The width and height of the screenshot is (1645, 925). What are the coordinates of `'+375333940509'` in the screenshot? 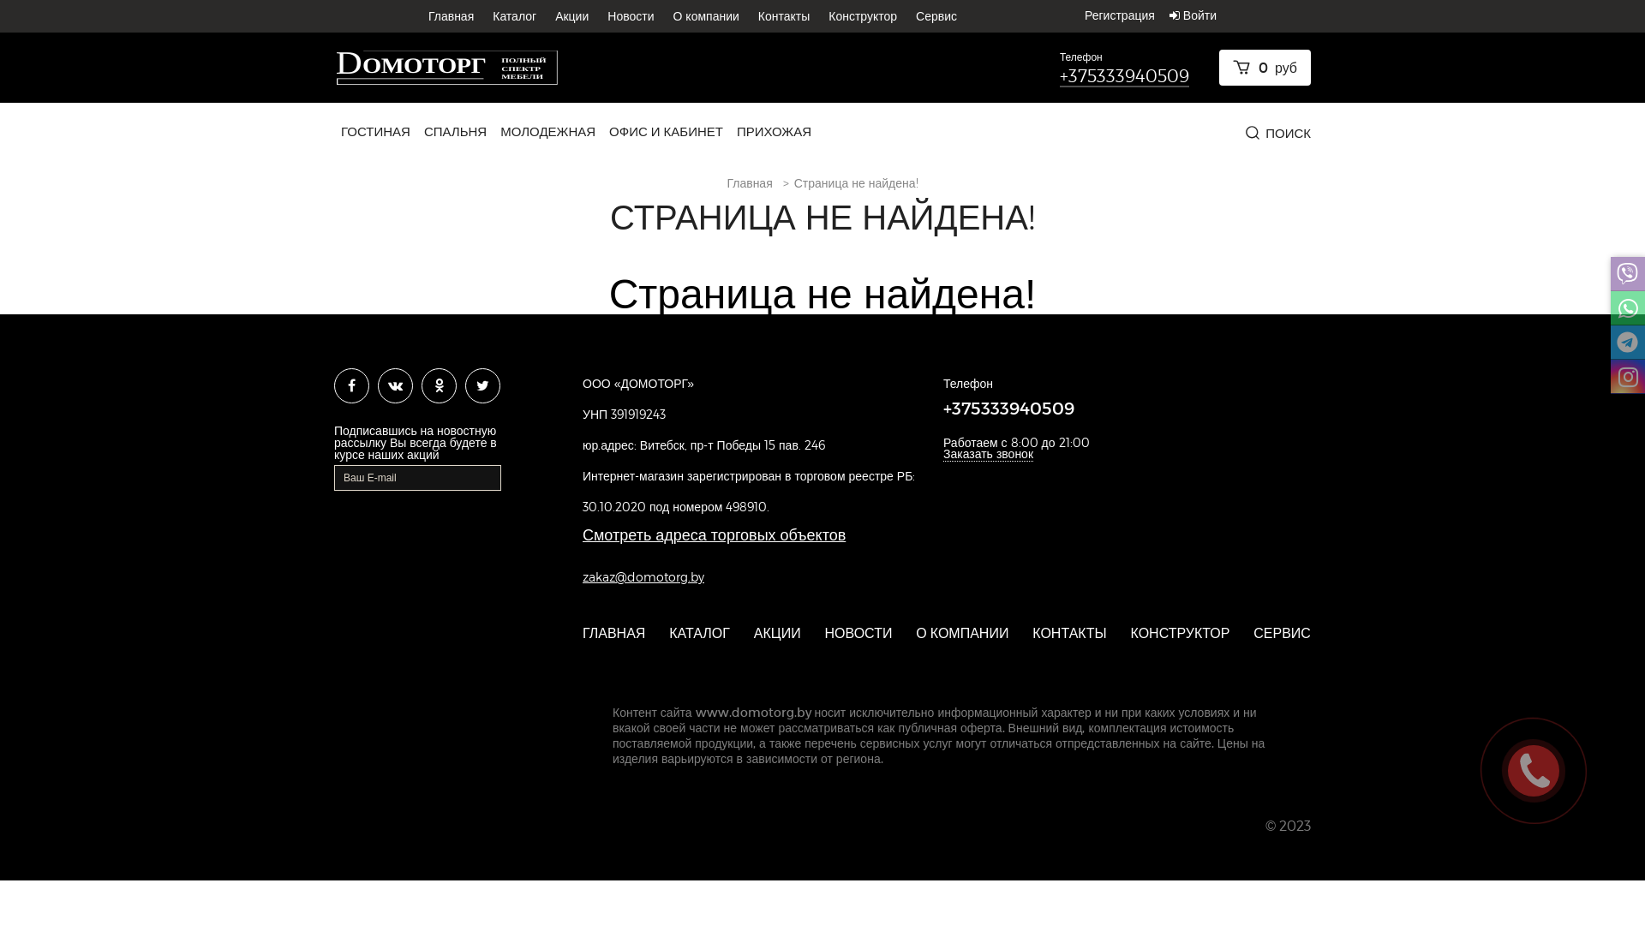 It's located at (1059, 75).